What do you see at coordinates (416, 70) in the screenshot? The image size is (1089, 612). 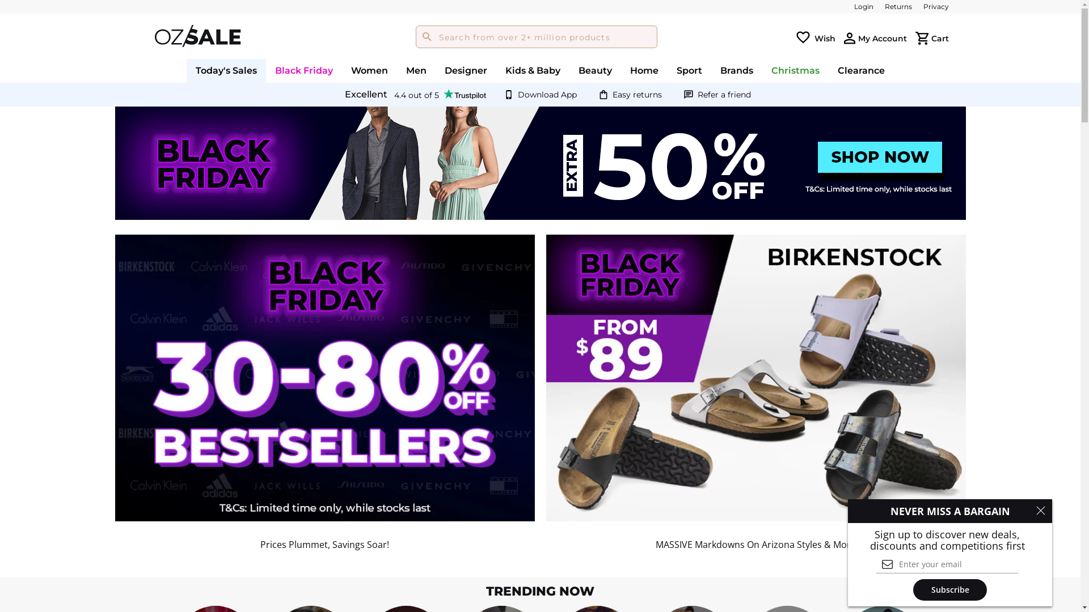 I see `'Men'` at bounding box center [416, 70].